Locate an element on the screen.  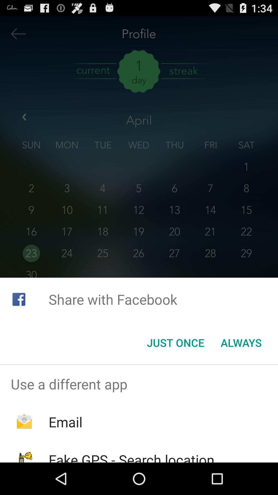
the email app is located at coordinates (65, 422).